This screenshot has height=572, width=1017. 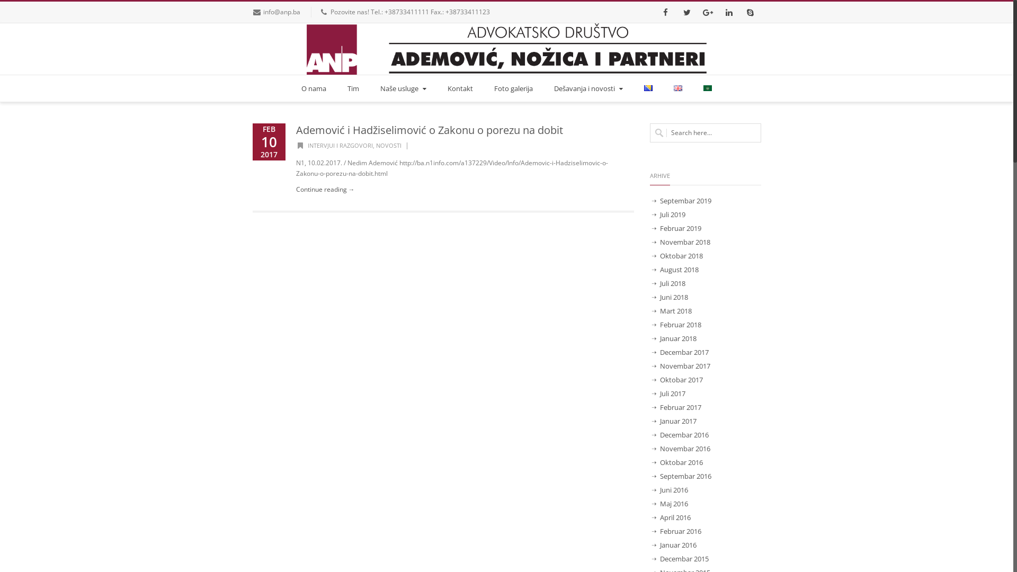 I want to click on 'April 2016', so click(x=671, y=516).